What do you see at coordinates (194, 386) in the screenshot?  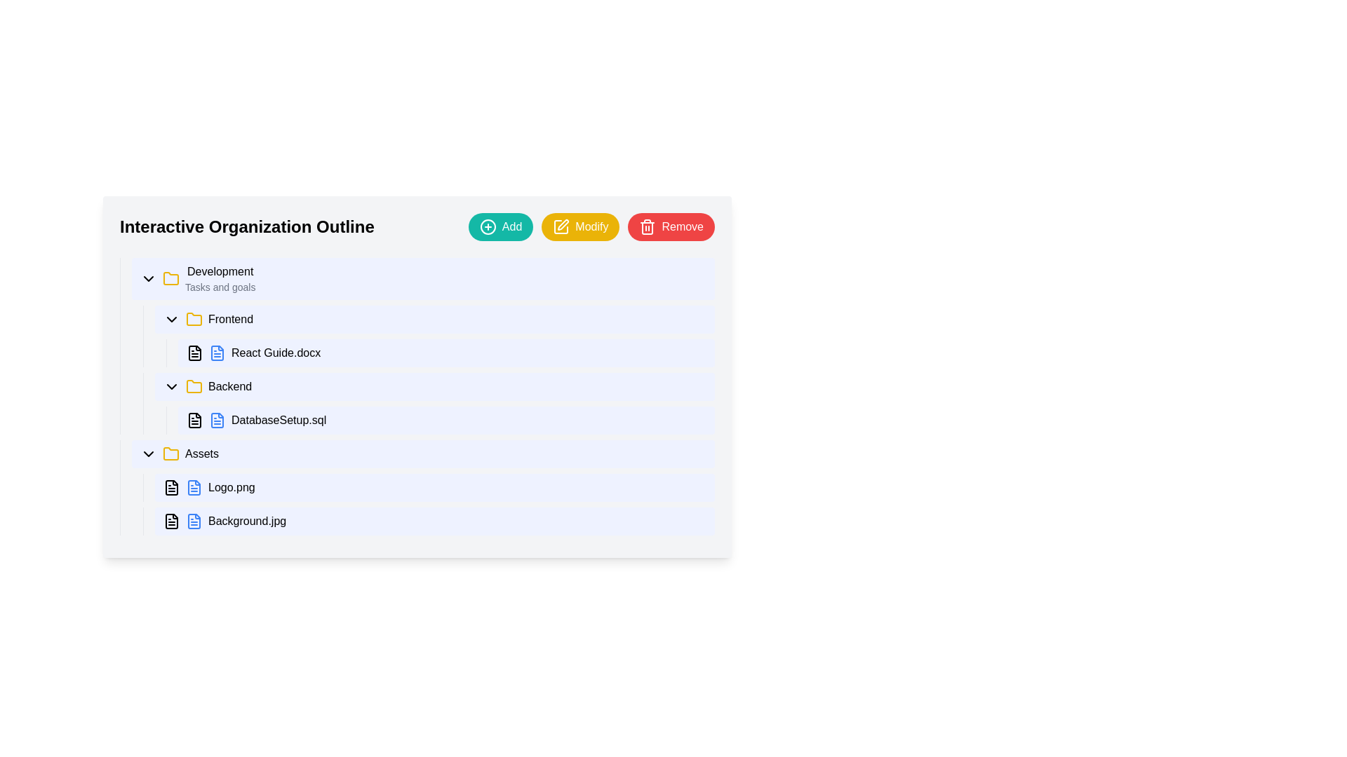 I see `the folder icon with a yellow outline, located` at bounding box center [194, 386].